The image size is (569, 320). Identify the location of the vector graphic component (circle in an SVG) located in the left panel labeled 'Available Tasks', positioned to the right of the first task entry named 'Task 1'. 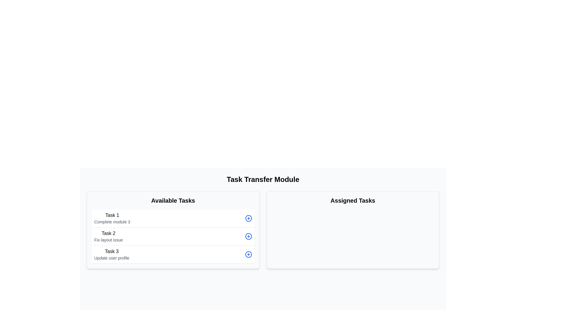
(248, 218).